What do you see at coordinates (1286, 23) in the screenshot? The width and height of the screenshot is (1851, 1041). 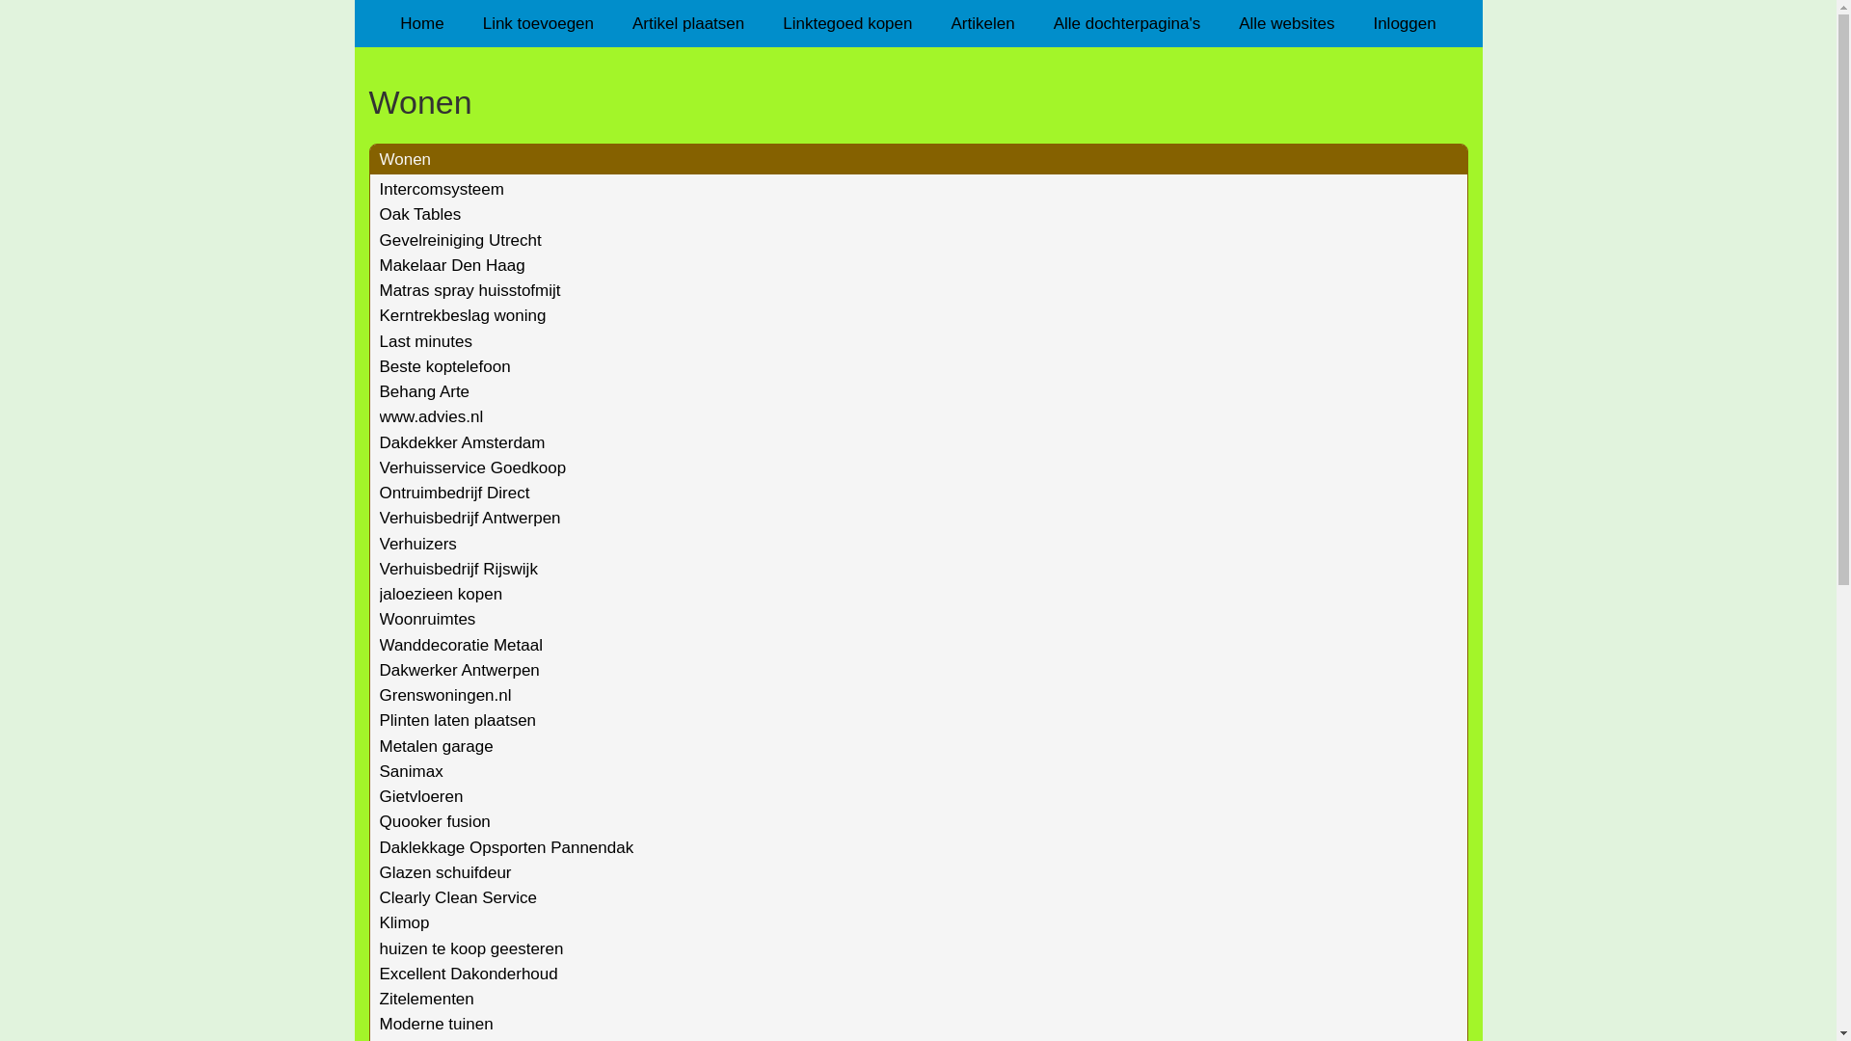 I see `'Alle websites'` at bounding box center [1286, 23].